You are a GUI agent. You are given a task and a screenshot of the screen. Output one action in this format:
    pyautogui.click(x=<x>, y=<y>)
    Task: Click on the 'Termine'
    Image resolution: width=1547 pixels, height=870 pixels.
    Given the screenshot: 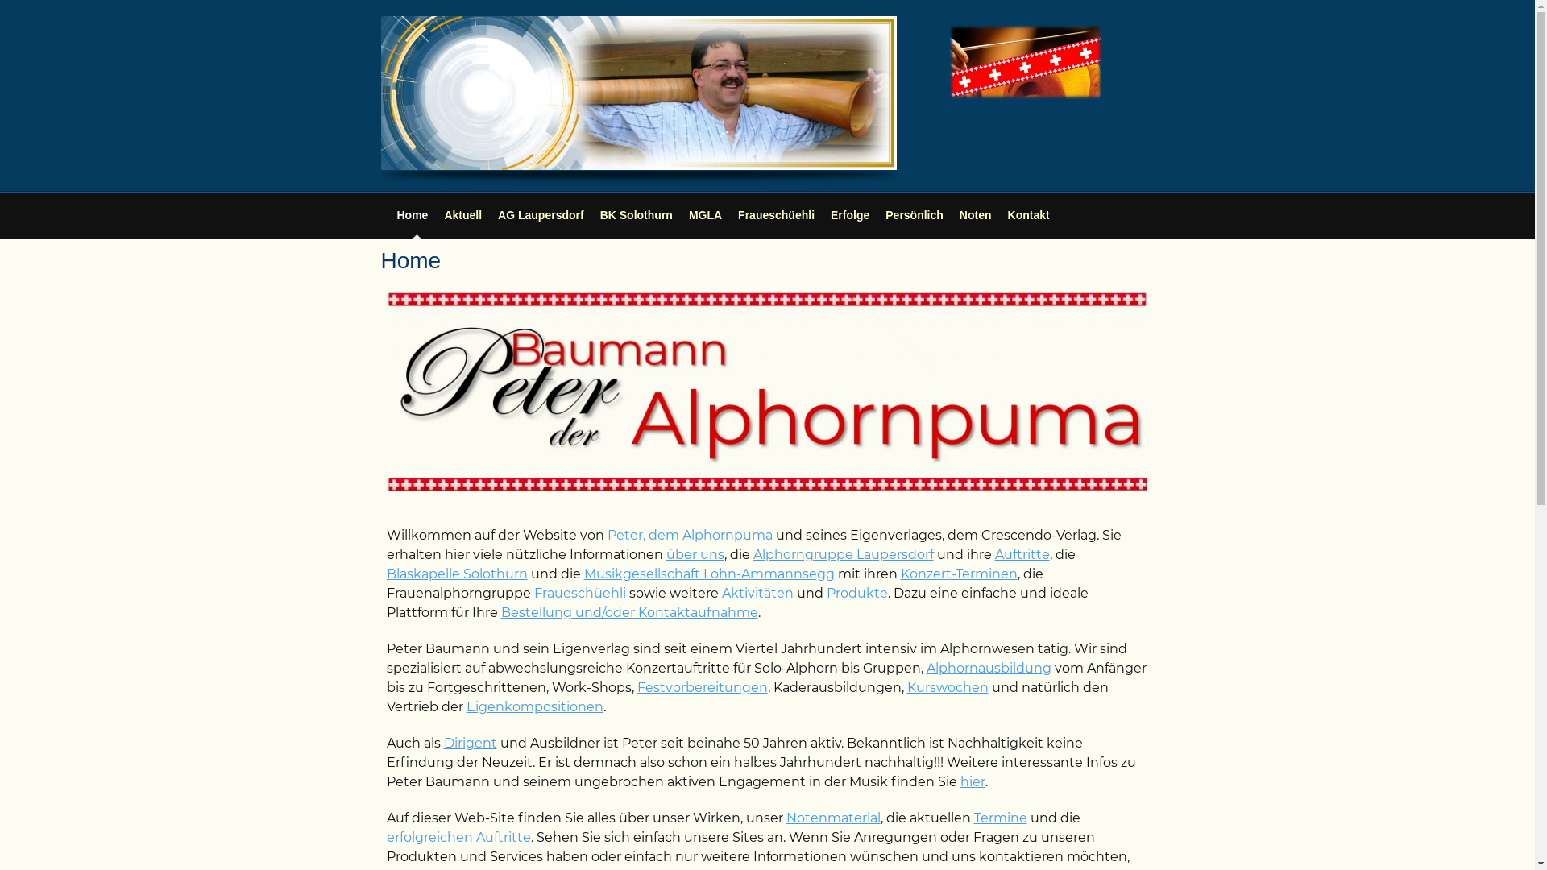 What is the action you would take?
    pyautogui.click(x=973, y=818)
    